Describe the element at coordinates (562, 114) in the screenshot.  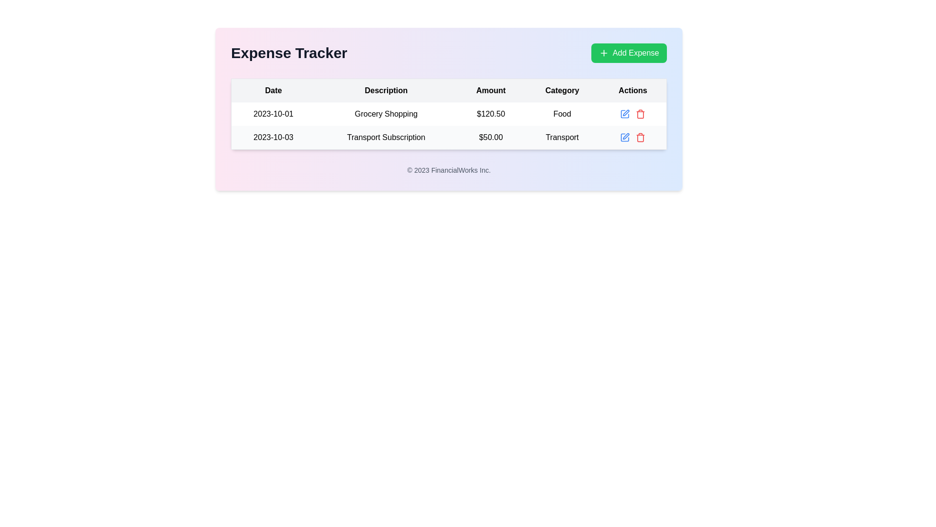
I see `the text label displaying 'Food' in the fourth column of the first row in the table, which is centered and styled with padding` at that location.